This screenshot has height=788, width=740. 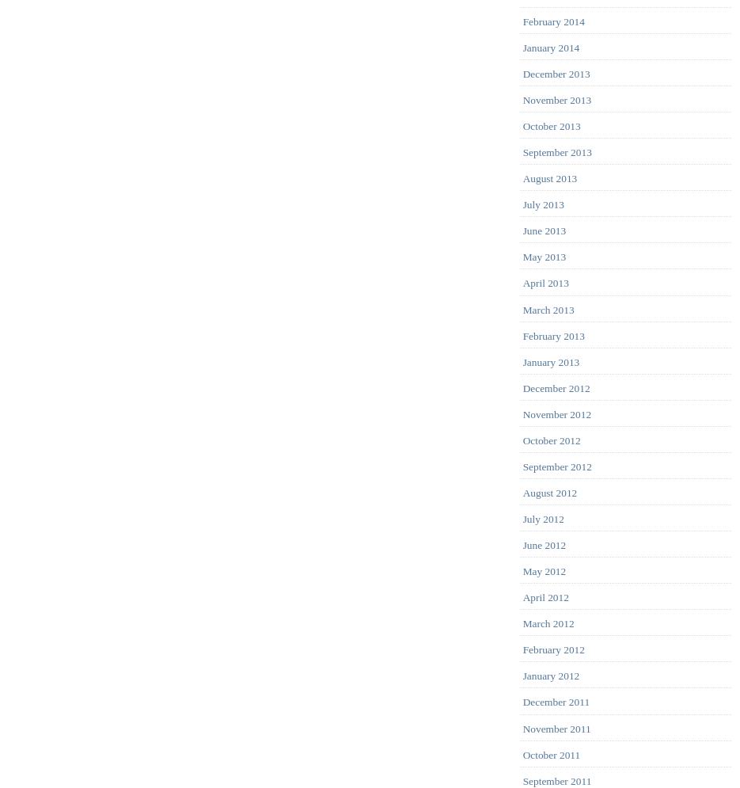 What do you see at coordinates (543, 257) in the screenshot?
I see `'May 2013'` at bounding box center [543, 257].